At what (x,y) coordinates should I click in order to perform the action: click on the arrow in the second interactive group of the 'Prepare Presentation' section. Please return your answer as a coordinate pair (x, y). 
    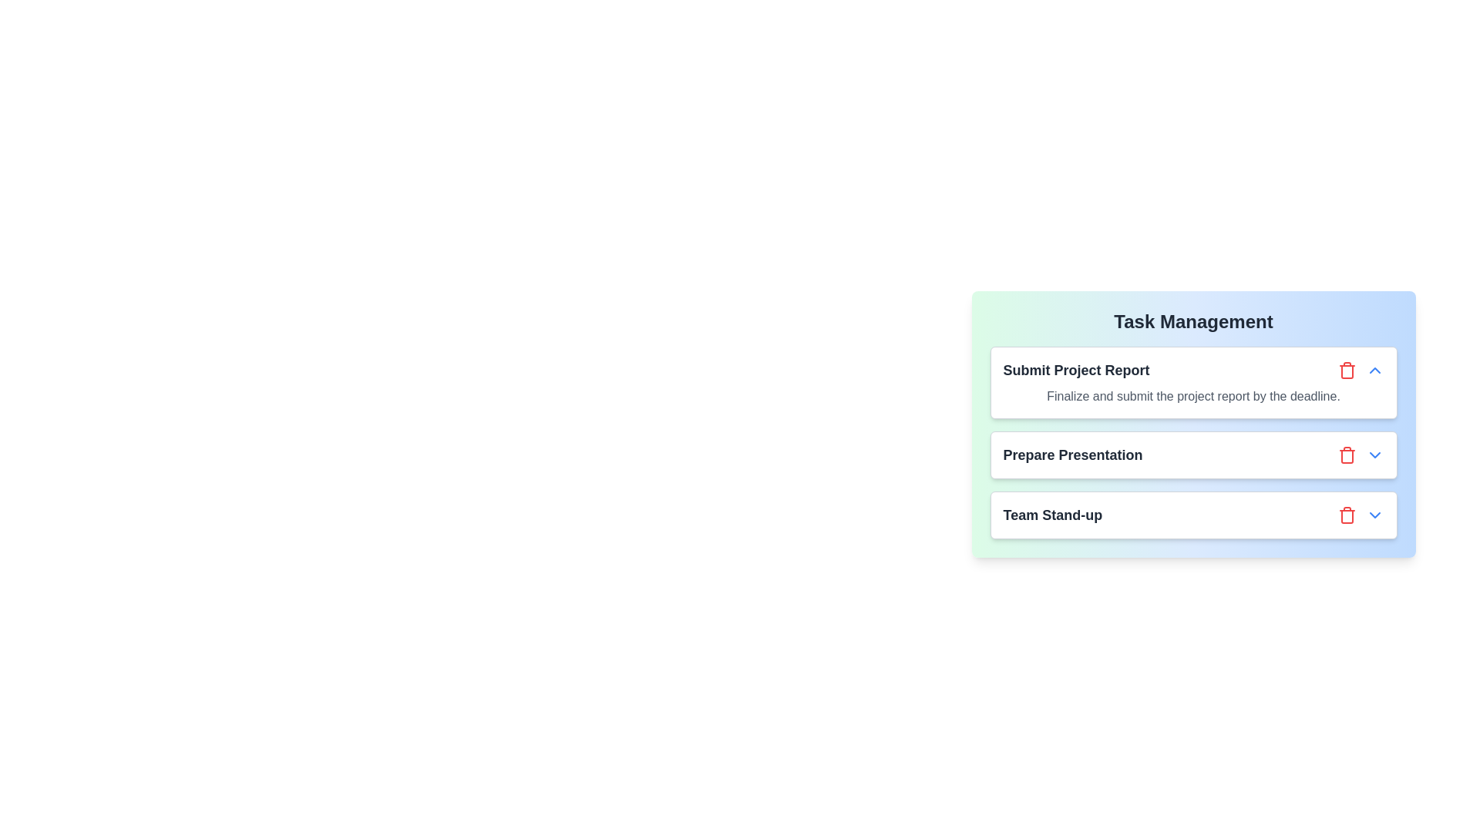
    Looking at the image, I should click on (1361, 454).